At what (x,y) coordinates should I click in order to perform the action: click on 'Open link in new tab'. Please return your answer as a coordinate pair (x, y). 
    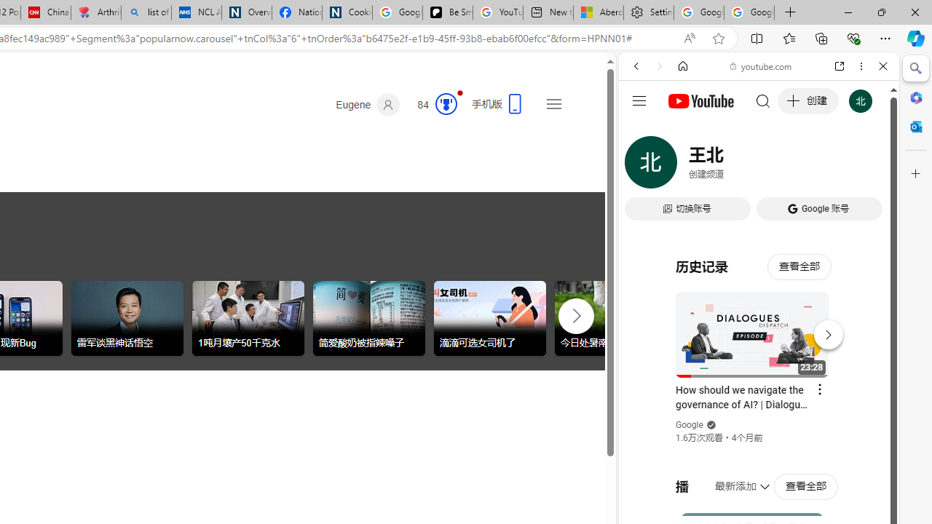
    Looking at the image, I should click on (840, 66).